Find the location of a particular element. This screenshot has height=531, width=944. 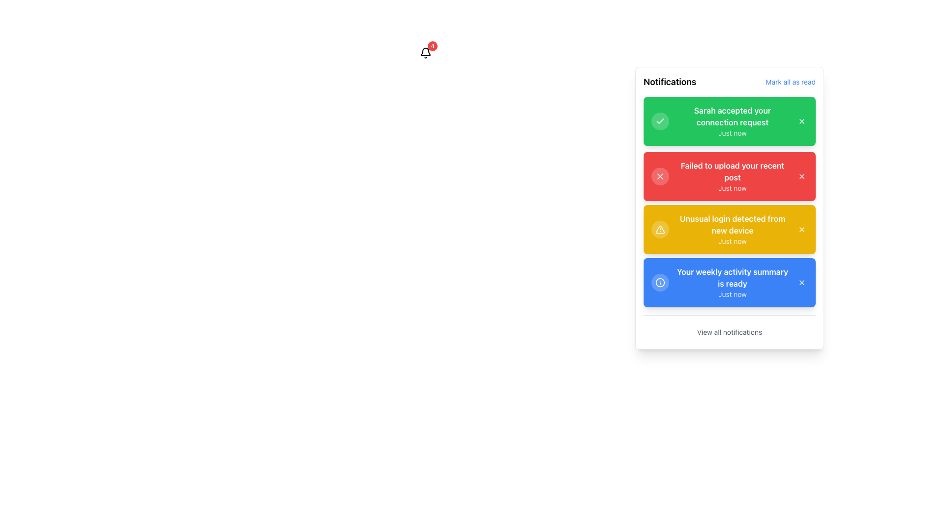

text indicating the relative time since the notification was generated, which states 'Just now', located in the lower part of the green notification card about 'Sarah accepted your connection request' is located at coordinates (732, 133).